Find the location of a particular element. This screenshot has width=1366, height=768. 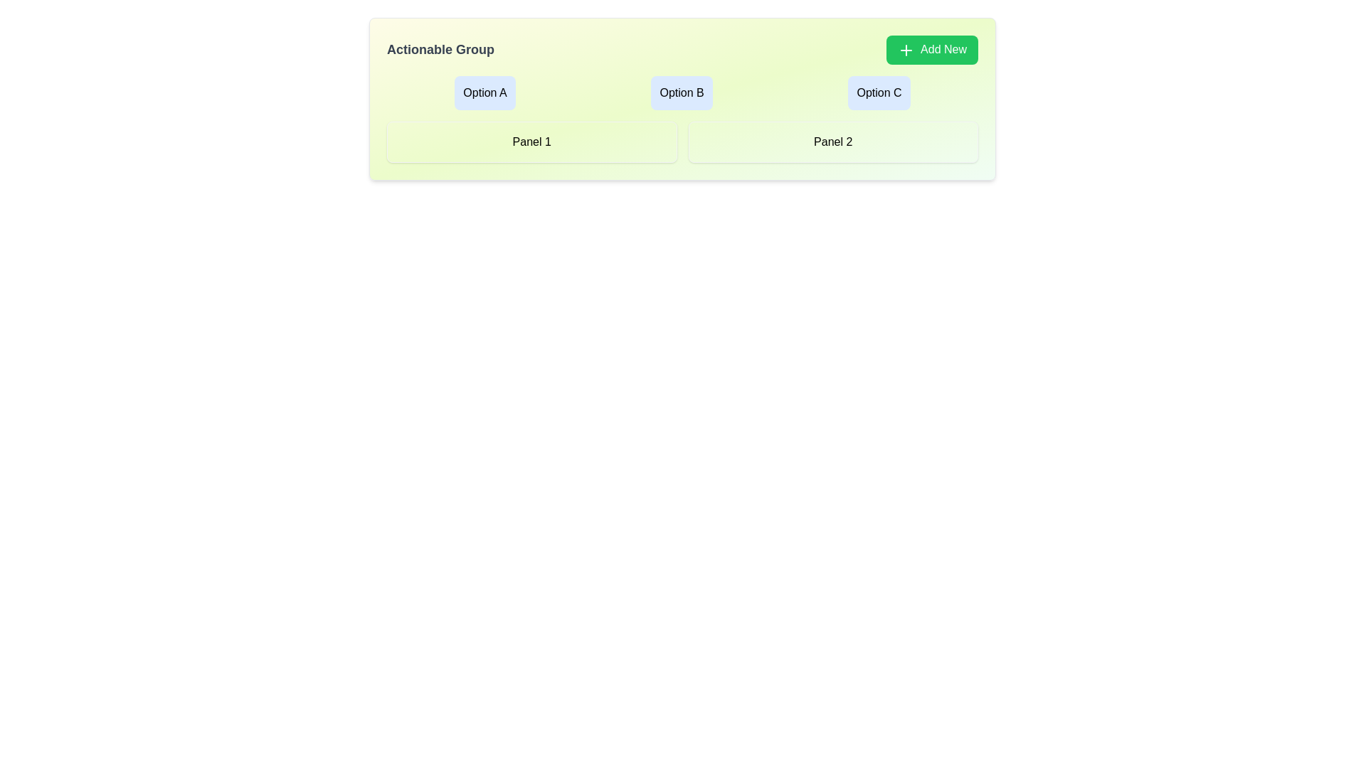

the 'Add New' button in the 'Actionable Group' section is located at coordinates (682, 49).